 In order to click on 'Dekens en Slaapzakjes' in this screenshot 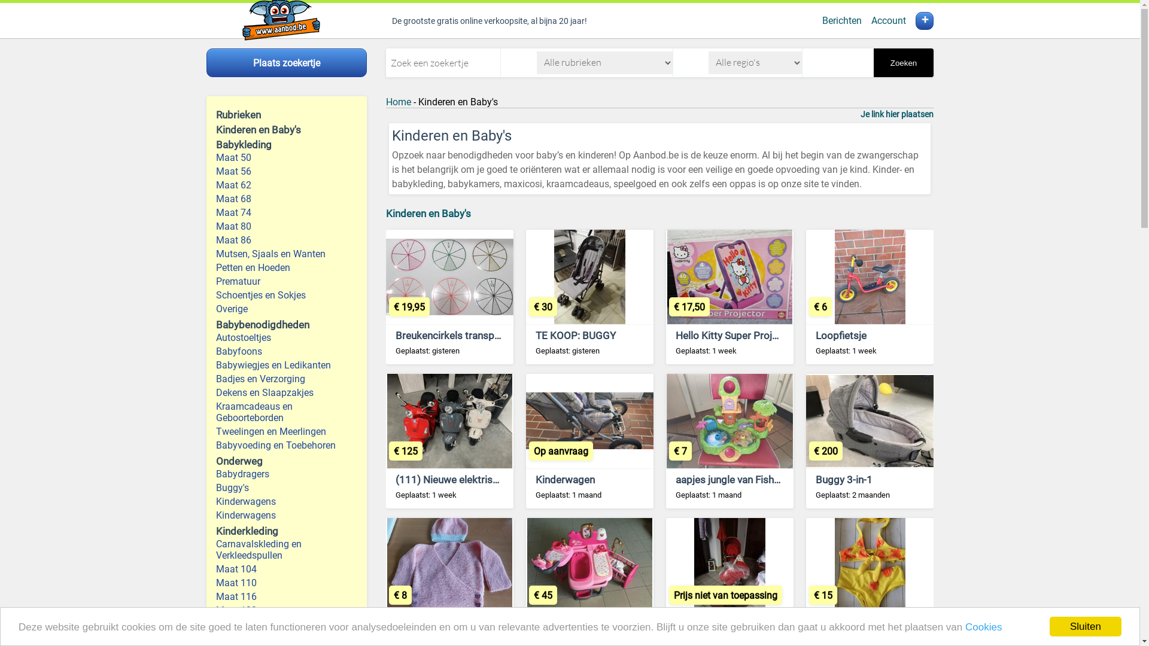, I will do `click(286, 392)`.